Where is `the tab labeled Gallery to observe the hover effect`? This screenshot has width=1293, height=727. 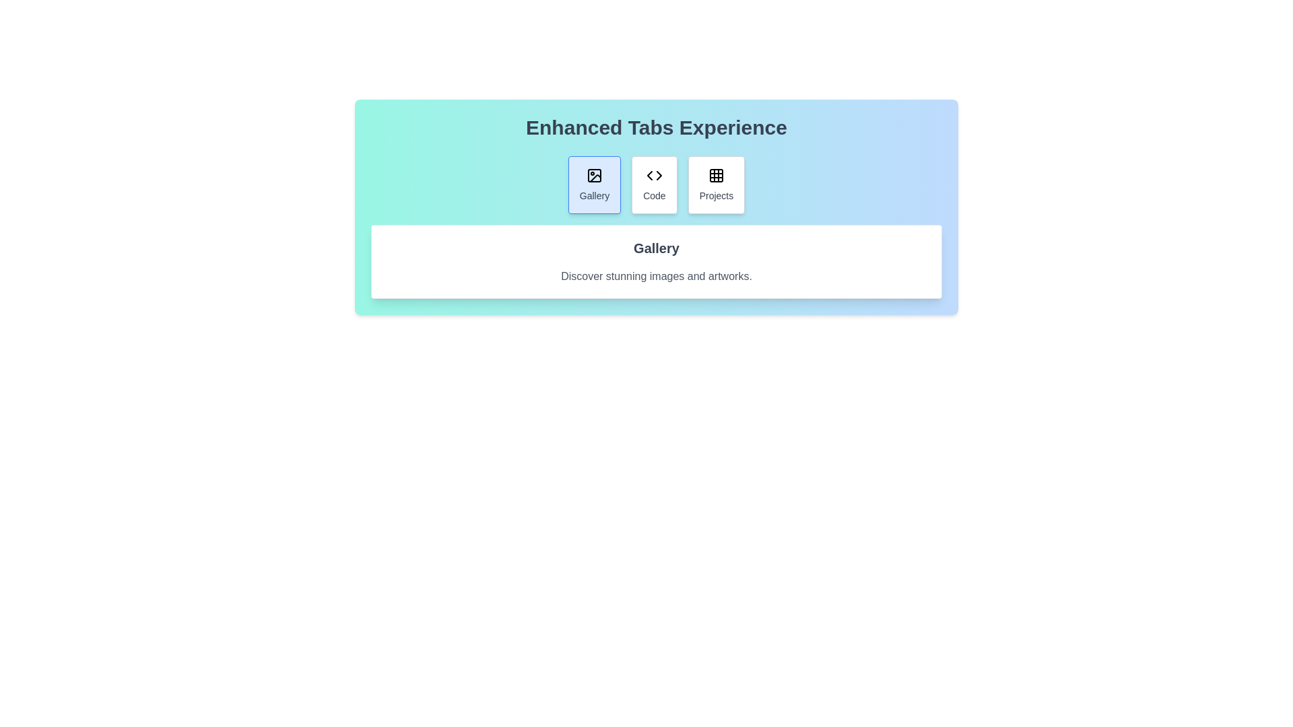
the tab labeled Gallery to observe the hover effect is located at coordinates (594, 184).